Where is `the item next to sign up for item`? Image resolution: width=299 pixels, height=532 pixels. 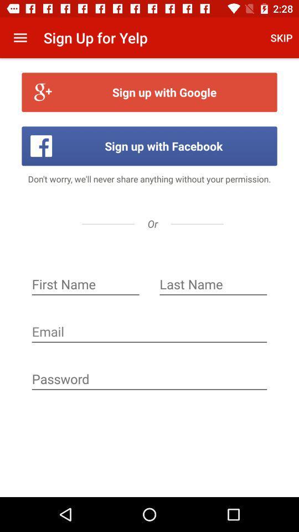 the item next to sign up for item is located at coordinates (281, 38).